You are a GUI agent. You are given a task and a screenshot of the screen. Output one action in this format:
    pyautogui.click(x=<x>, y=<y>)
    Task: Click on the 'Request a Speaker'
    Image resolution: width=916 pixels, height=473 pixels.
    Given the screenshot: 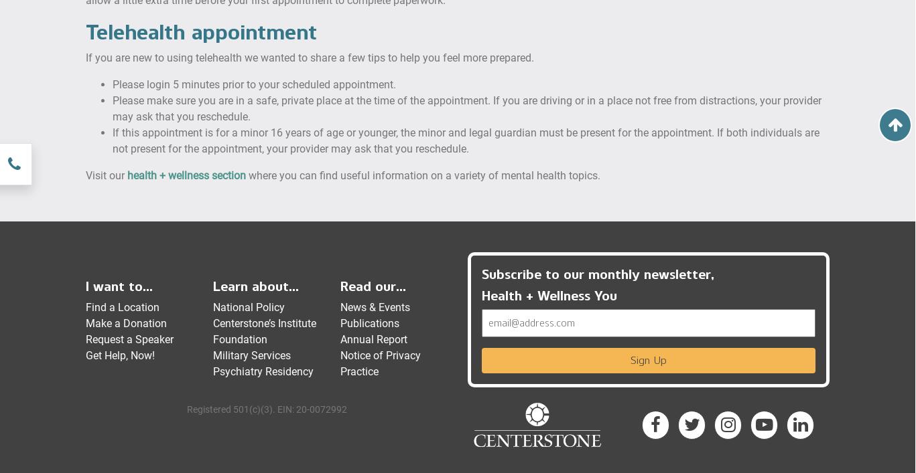 What is the action you would take?
    pyautogui.click(x=129, y=338)
    